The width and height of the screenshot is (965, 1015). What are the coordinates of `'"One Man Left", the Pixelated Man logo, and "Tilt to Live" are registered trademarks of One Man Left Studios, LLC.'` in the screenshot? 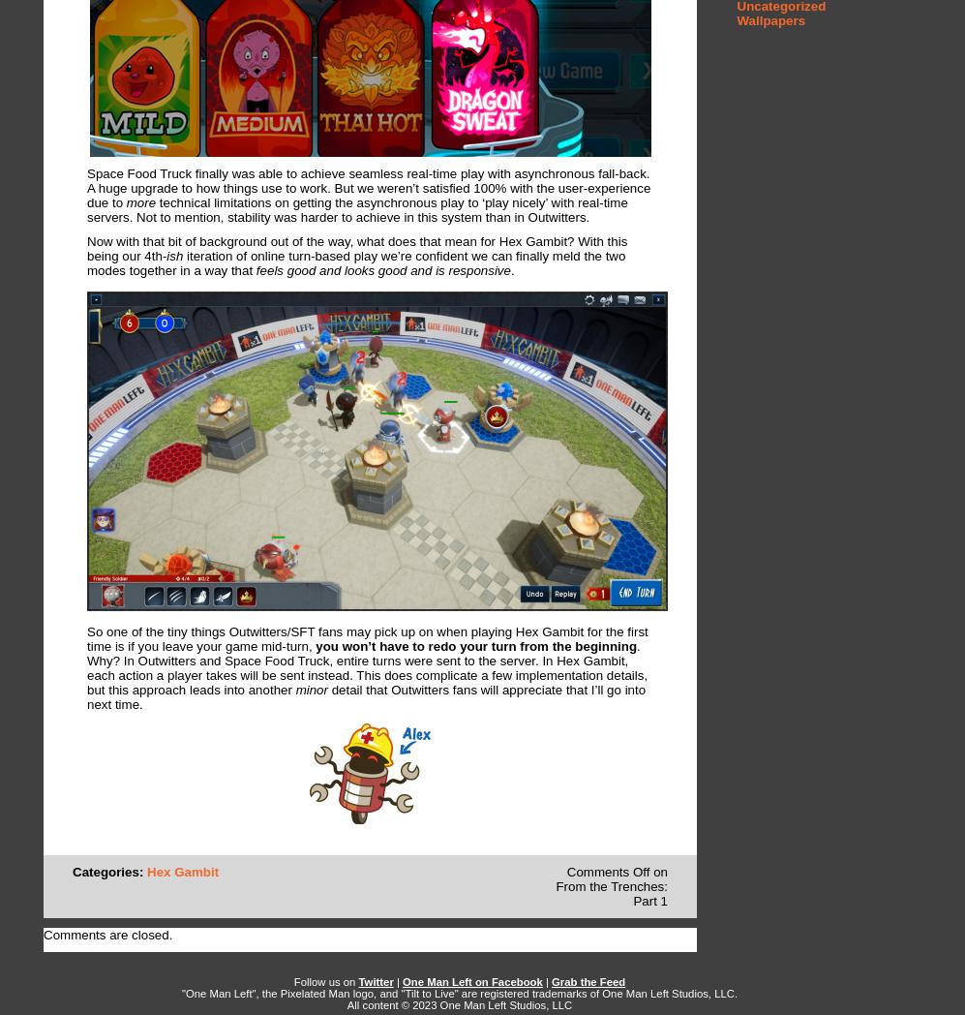 It's located at (459, 993).